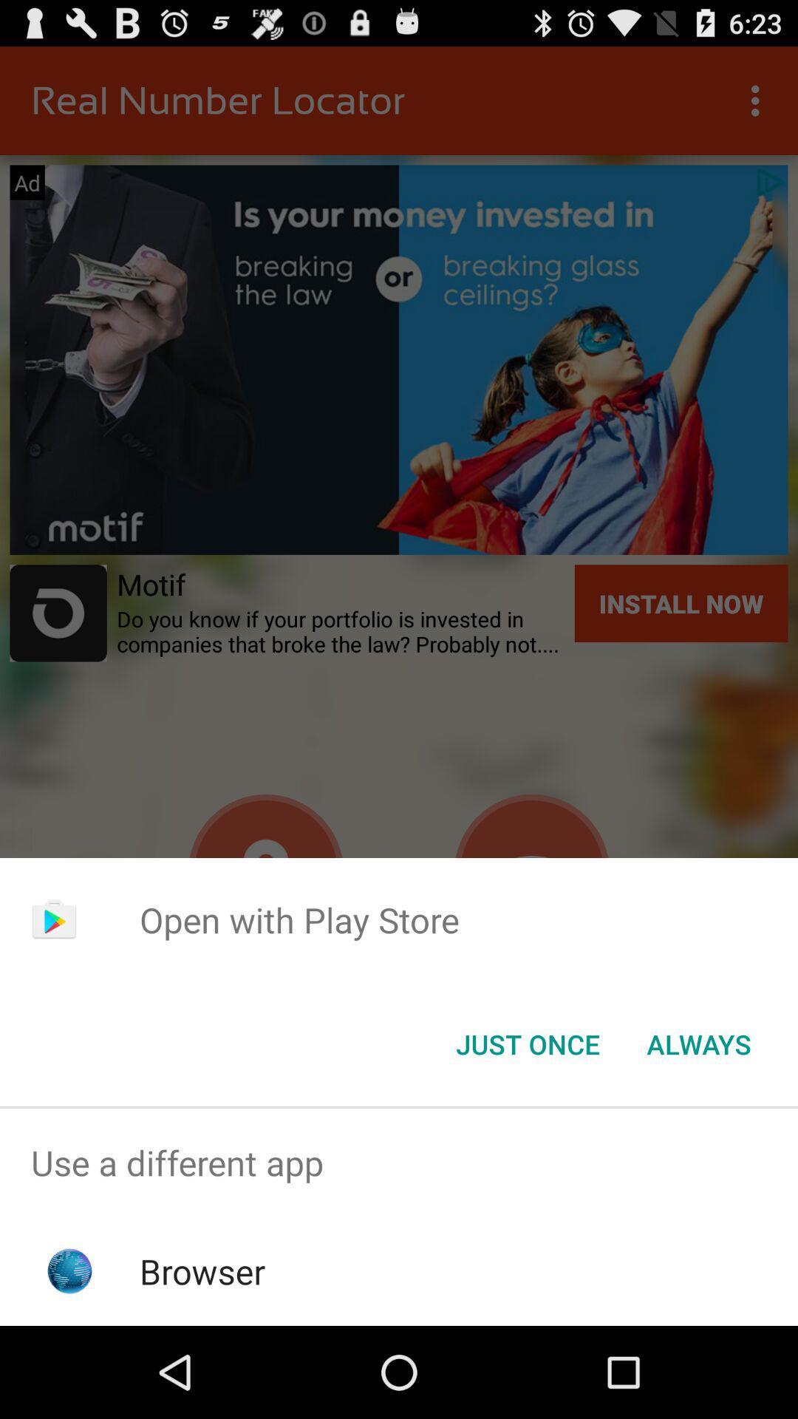 The height and width of the screenshot is (1419, 798). Describe the element at coordinates (527, 1043) in the screenshot. I see `button next to always button` at that location.